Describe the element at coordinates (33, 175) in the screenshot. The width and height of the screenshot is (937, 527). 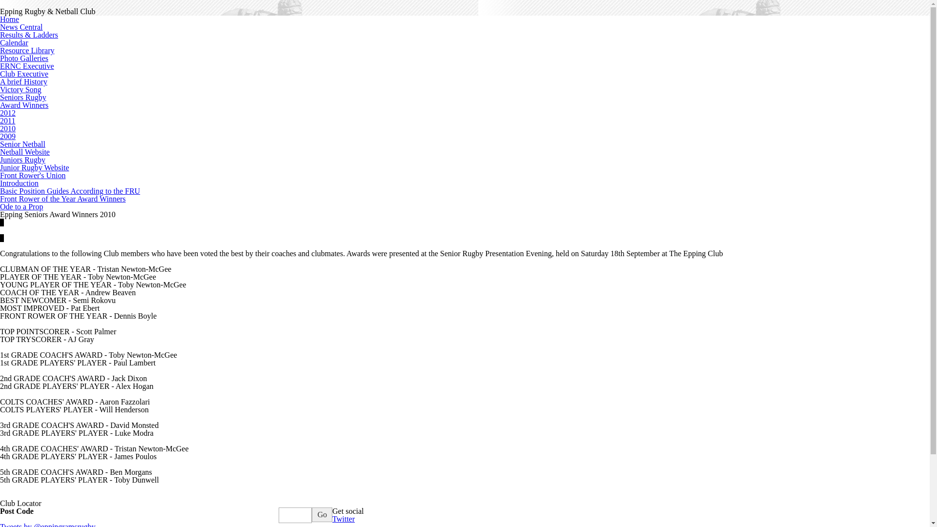
I see `'Front Rower's Union'` at that location.